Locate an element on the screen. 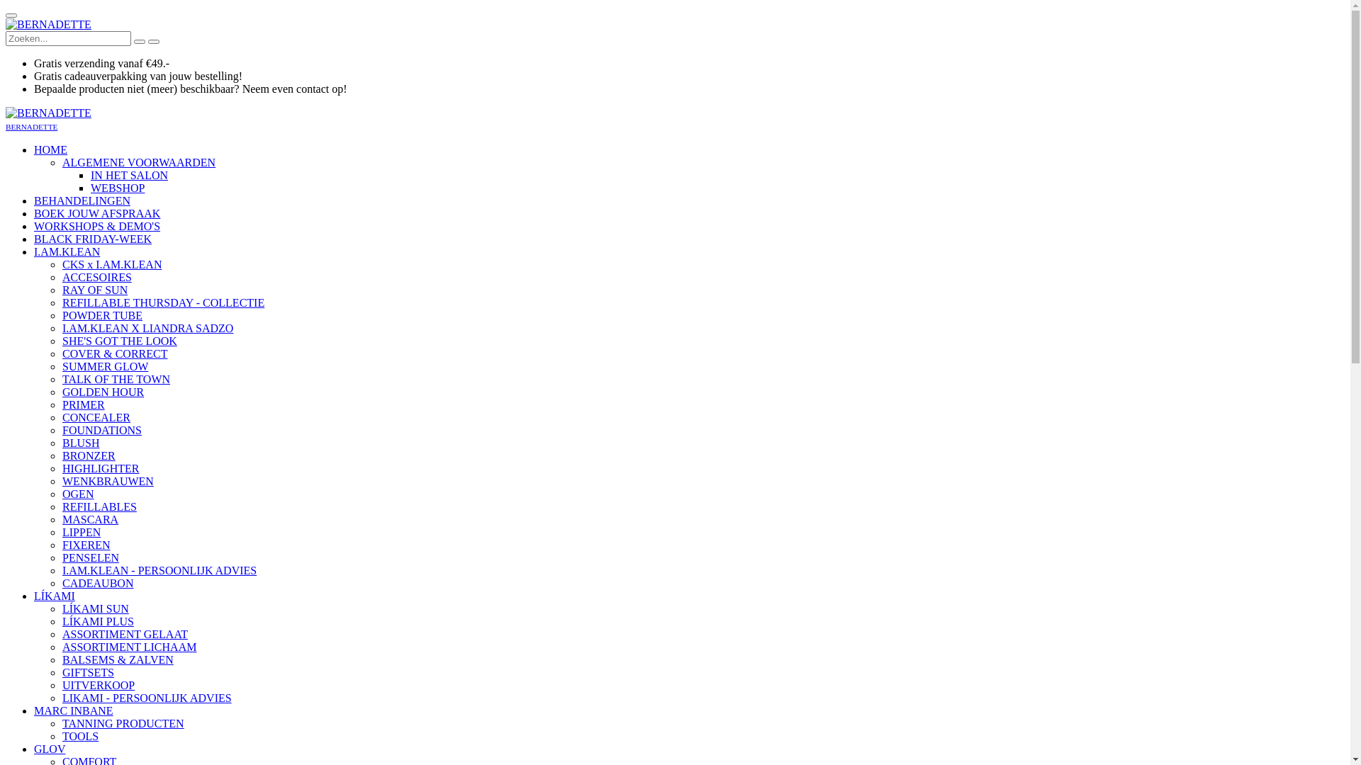  'LIKAMI - PERSOONLIJK ADVIES' is located at coordinates (147, 697).